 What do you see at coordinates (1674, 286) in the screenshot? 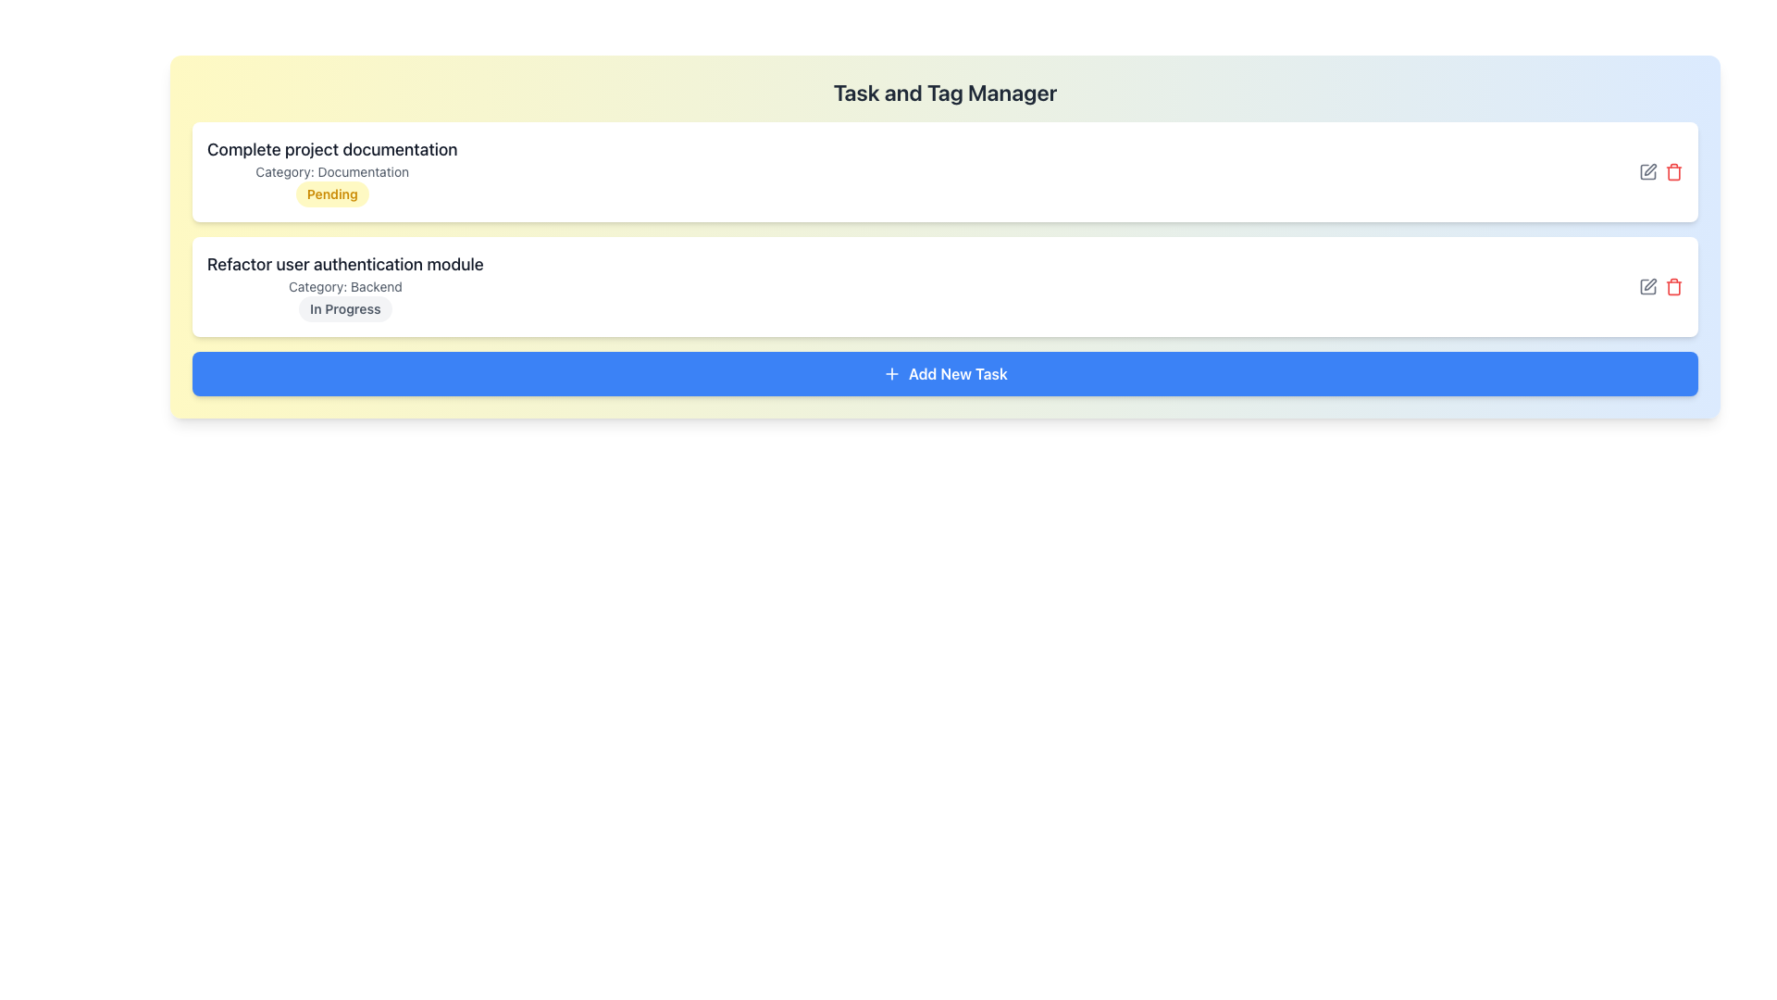
I see `the delete button (Trash Icon) located to the far right of the second task in the list to observe the color change` at bounding box center [1674, 286].